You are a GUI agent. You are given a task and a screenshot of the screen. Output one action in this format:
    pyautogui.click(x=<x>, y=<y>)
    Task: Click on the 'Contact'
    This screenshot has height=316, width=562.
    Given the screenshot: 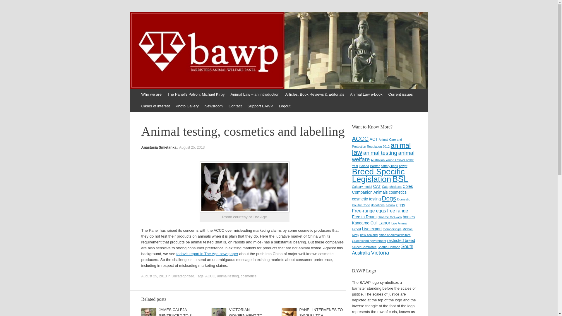 What is the action you would take?
    pyautogui.click(x=235, y=106)
    